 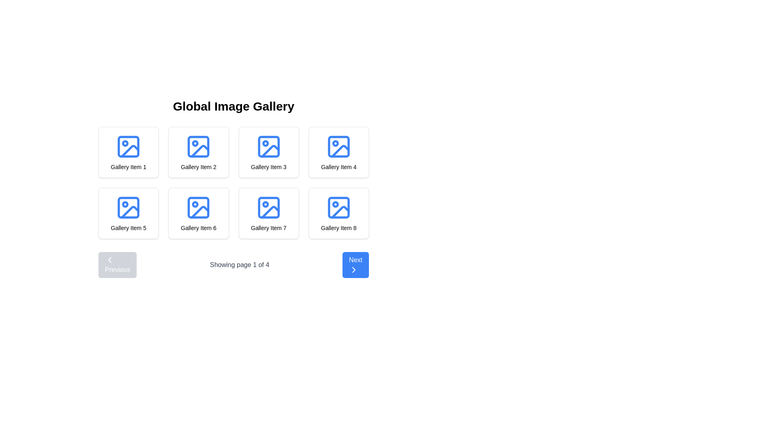 I want to click on the blue SVG icon representing an image, which is located in the third position of the 'Global Image Gallery', above its label, so click(x=268, y=147).